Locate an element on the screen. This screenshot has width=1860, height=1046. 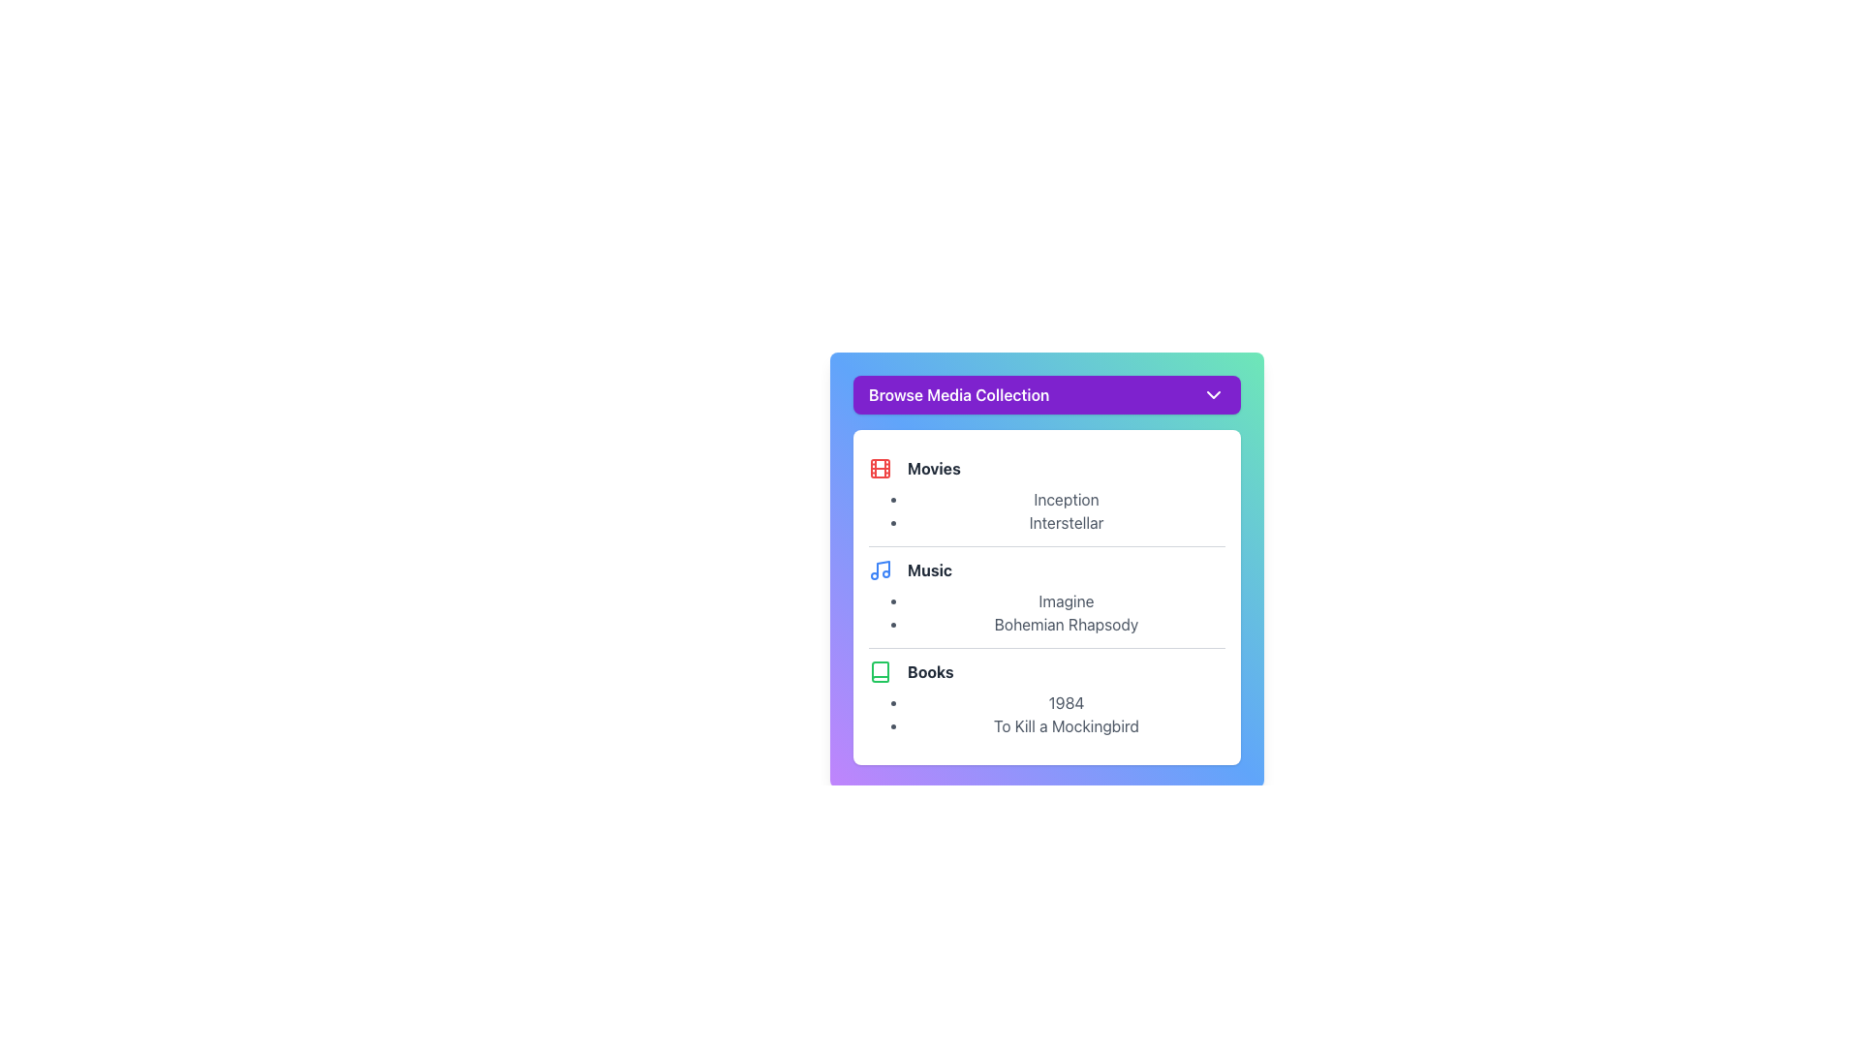
the 'Imagine' or 'Bohemian Rhapsody' item in the Category Section under 'Browse Media Collection' is located at coordinates (1045, 596).